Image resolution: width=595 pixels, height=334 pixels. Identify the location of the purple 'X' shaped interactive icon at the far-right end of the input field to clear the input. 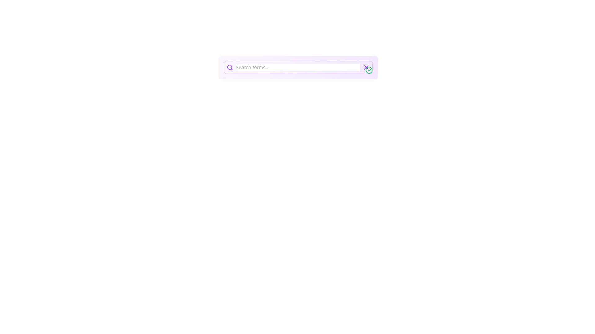
(366, 67).